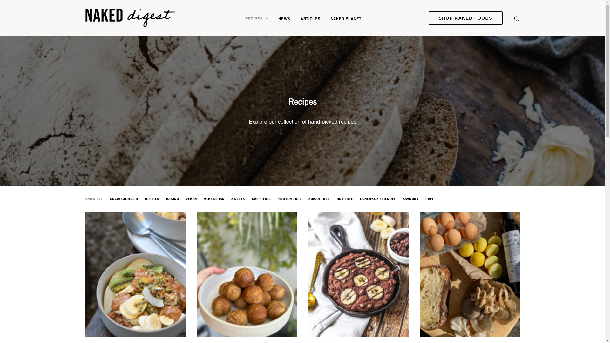 This screenshot has width=610, height=343. I want to click on 'NUT-FREE', so click(344, 198).